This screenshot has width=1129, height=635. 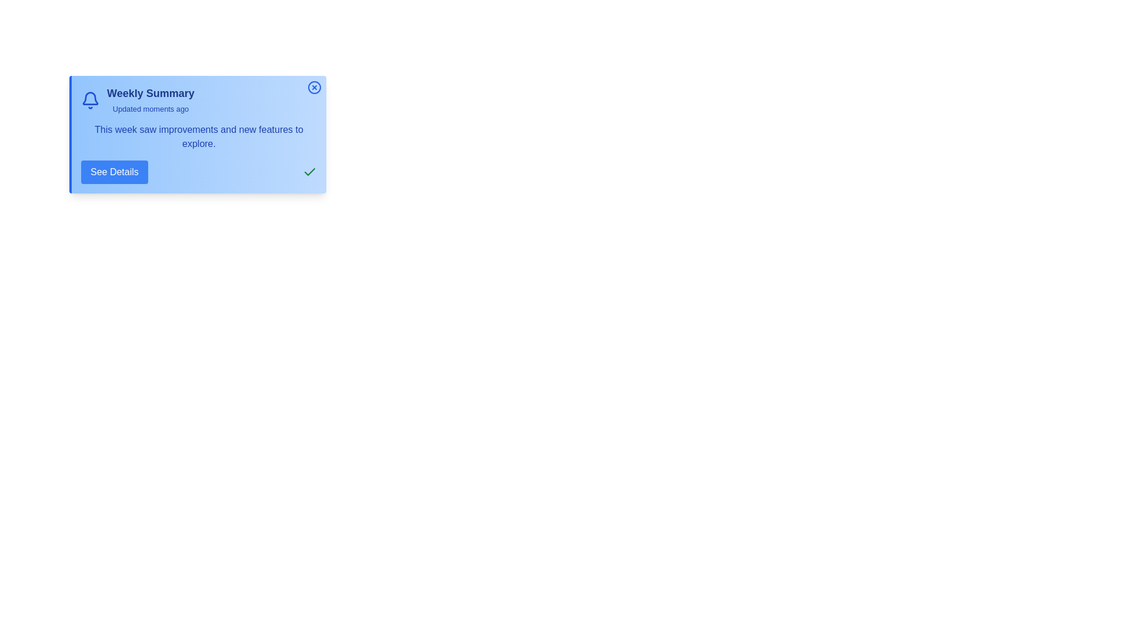 What do you see at coordinates (89, 99) in the screenshot?
I see `the notification icon to interact with it` at bounding box center [89, 99].